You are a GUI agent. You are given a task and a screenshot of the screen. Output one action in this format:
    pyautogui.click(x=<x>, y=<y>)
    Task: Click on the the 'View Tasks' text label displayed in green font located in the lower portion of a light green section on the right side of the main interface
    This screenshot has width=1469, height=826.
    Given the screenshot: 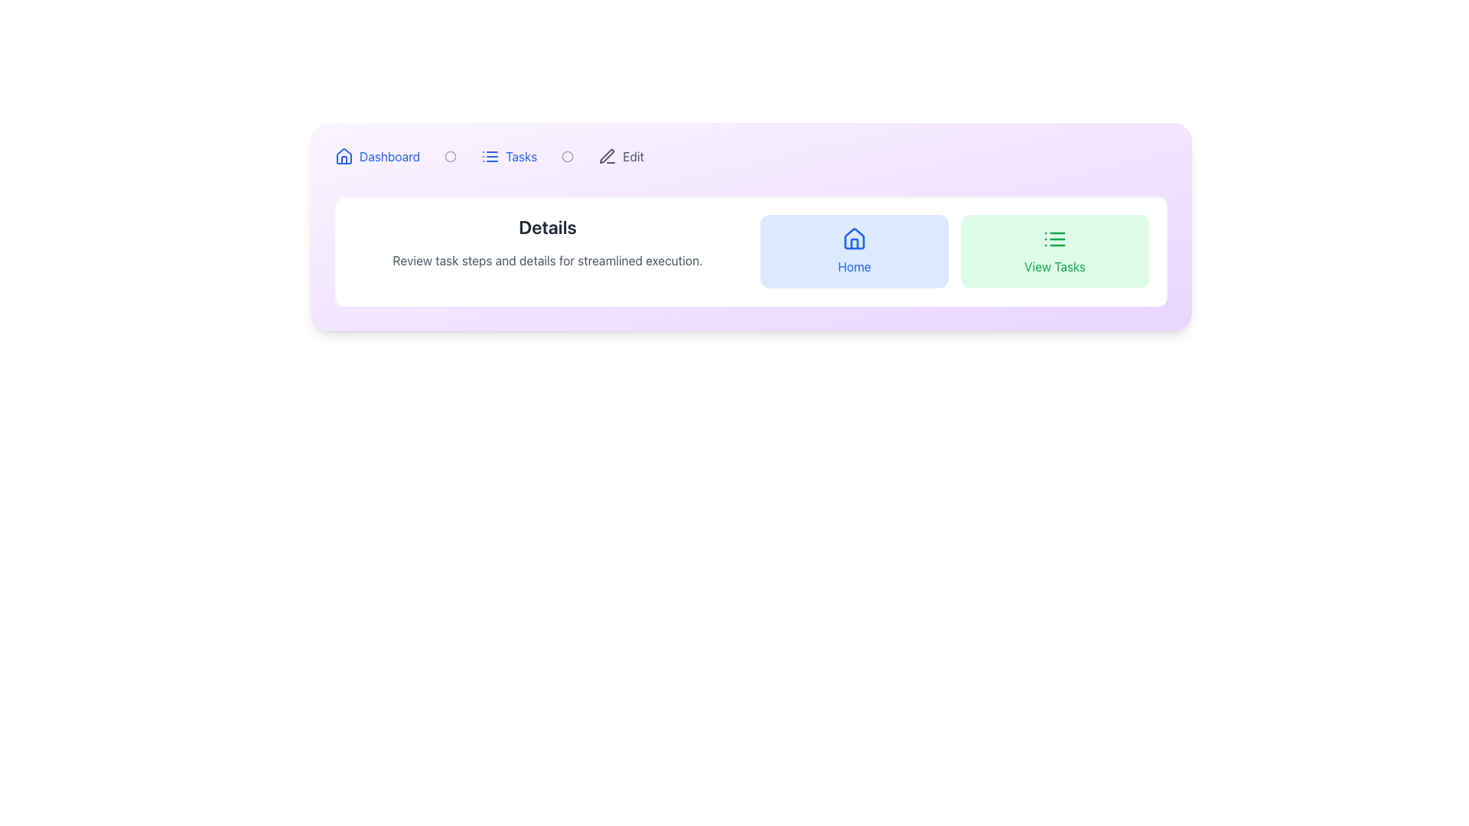 What is the action you would take?
    pyautogui.click(x=1054, y=265)
    